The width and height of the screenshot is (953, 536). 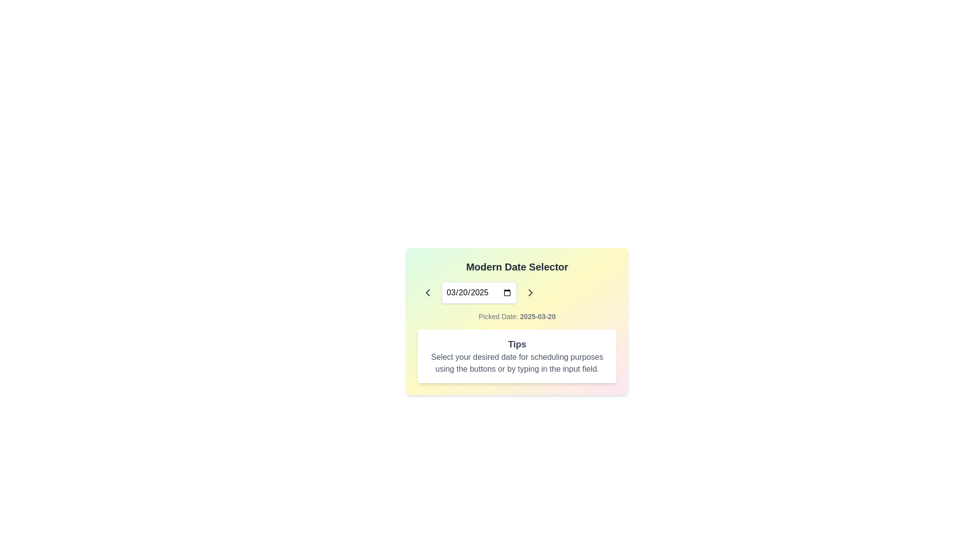 What do you see at coordinates (428, 292) in the screenshot?
I see `the left-pointing chevron icon in the Modern Date Selector interface` at bounding box center [428, 292].